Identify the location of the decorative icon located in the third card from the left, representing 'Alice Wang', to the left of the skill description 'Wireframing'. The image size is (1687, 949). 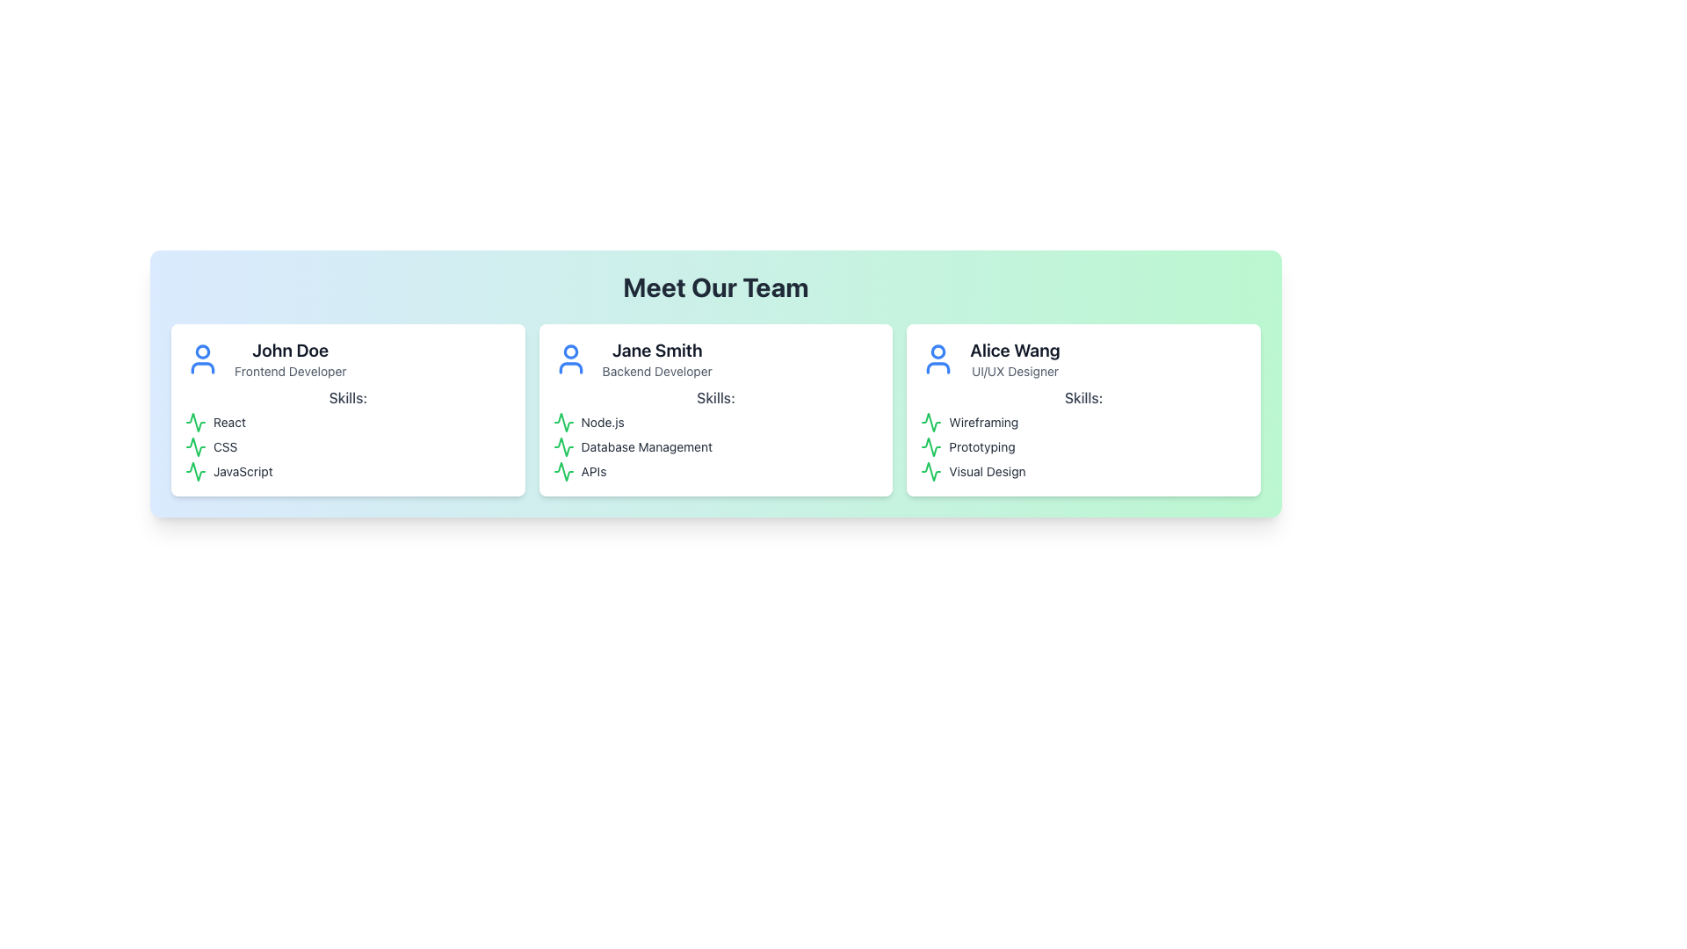
(930, 423).